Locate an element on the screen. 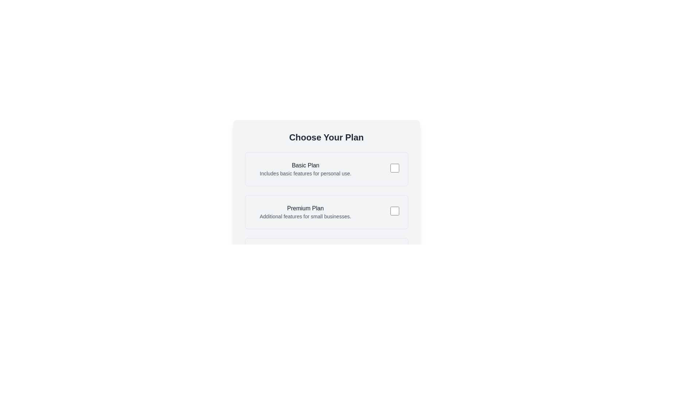  the checkbox is located at coordinates (394, 211).